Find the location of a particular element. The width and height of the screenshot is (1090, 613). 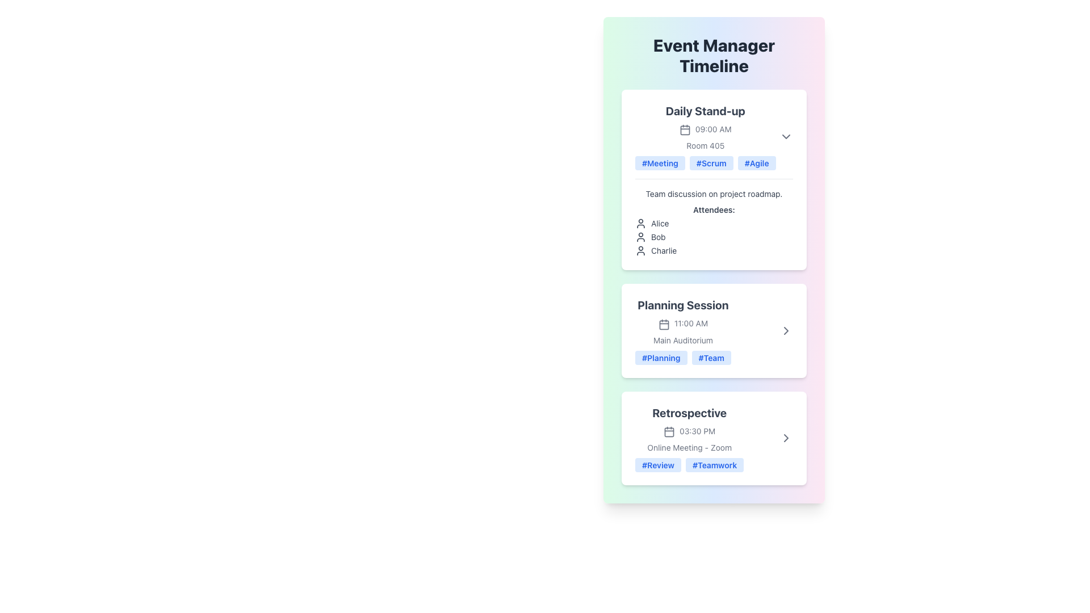

the static text label indicating the location of the event in the Main Auditorium, positioned under 'Planning Session' at 11:00 AM is located at coordinates (682, 339).